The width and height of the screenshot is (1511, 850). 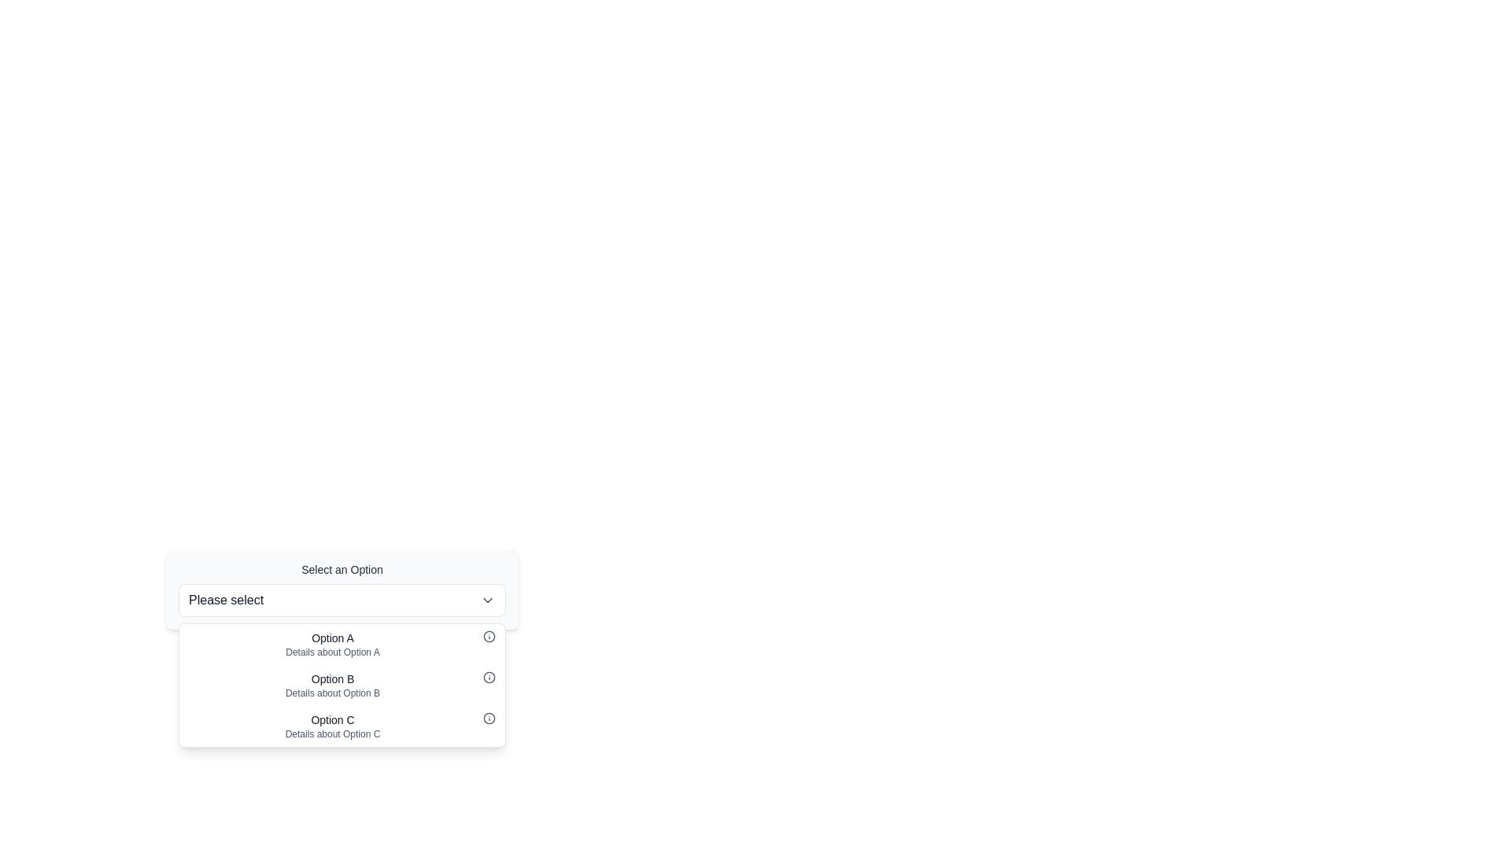 What do you see at coordinates (342, 570) in the screenshot?
I see `the label displaying 'Select an Option', which is styled with a small font size, medium weight, and dark gray color, located above the dropdown component titled 'Please select'` at bounding box center [342, 570].